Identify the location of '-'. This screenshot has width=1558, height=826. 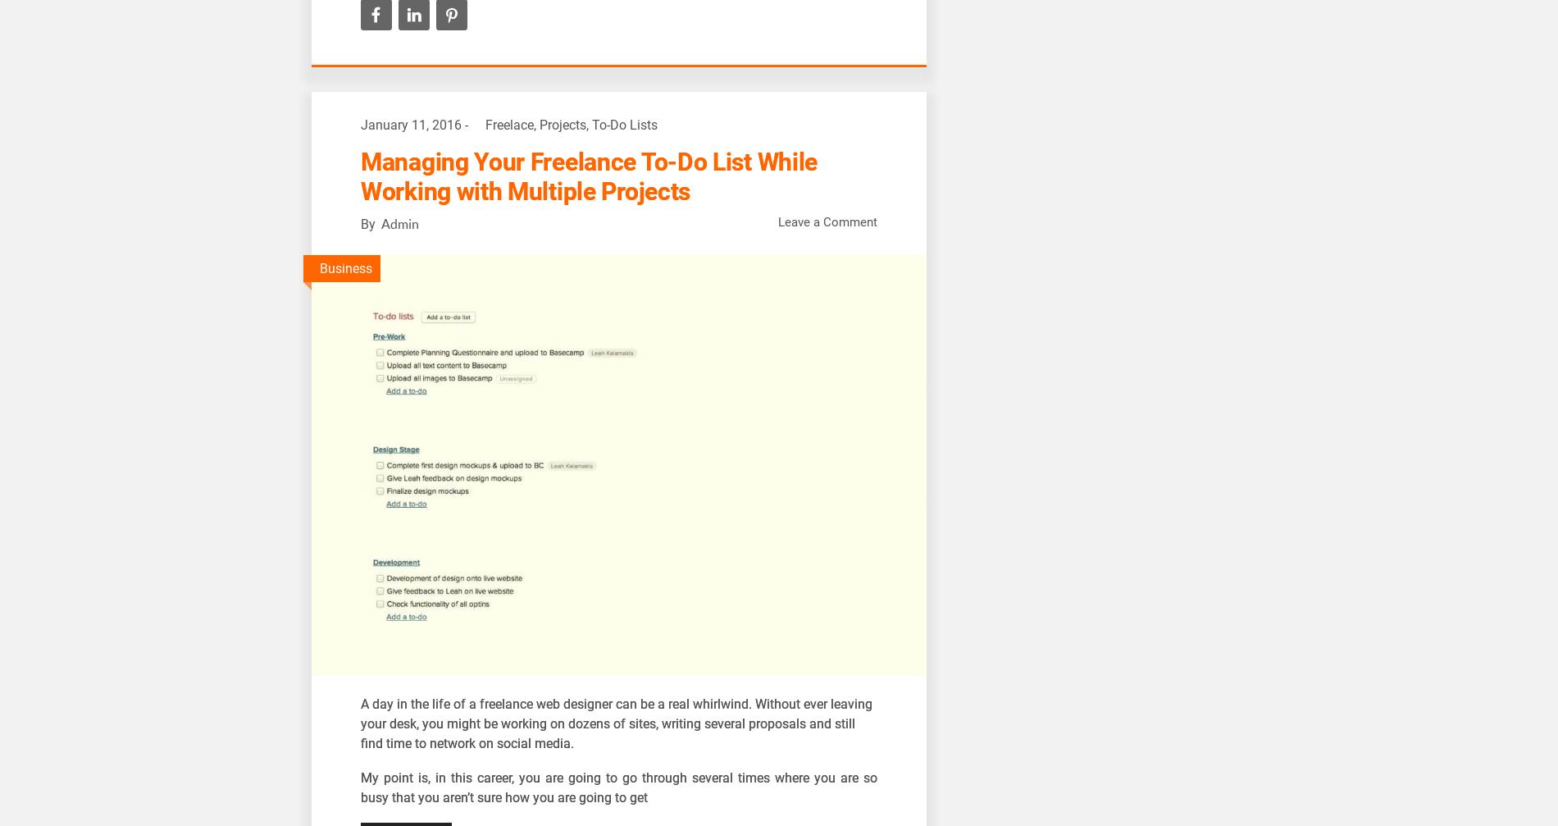
(467, 125).